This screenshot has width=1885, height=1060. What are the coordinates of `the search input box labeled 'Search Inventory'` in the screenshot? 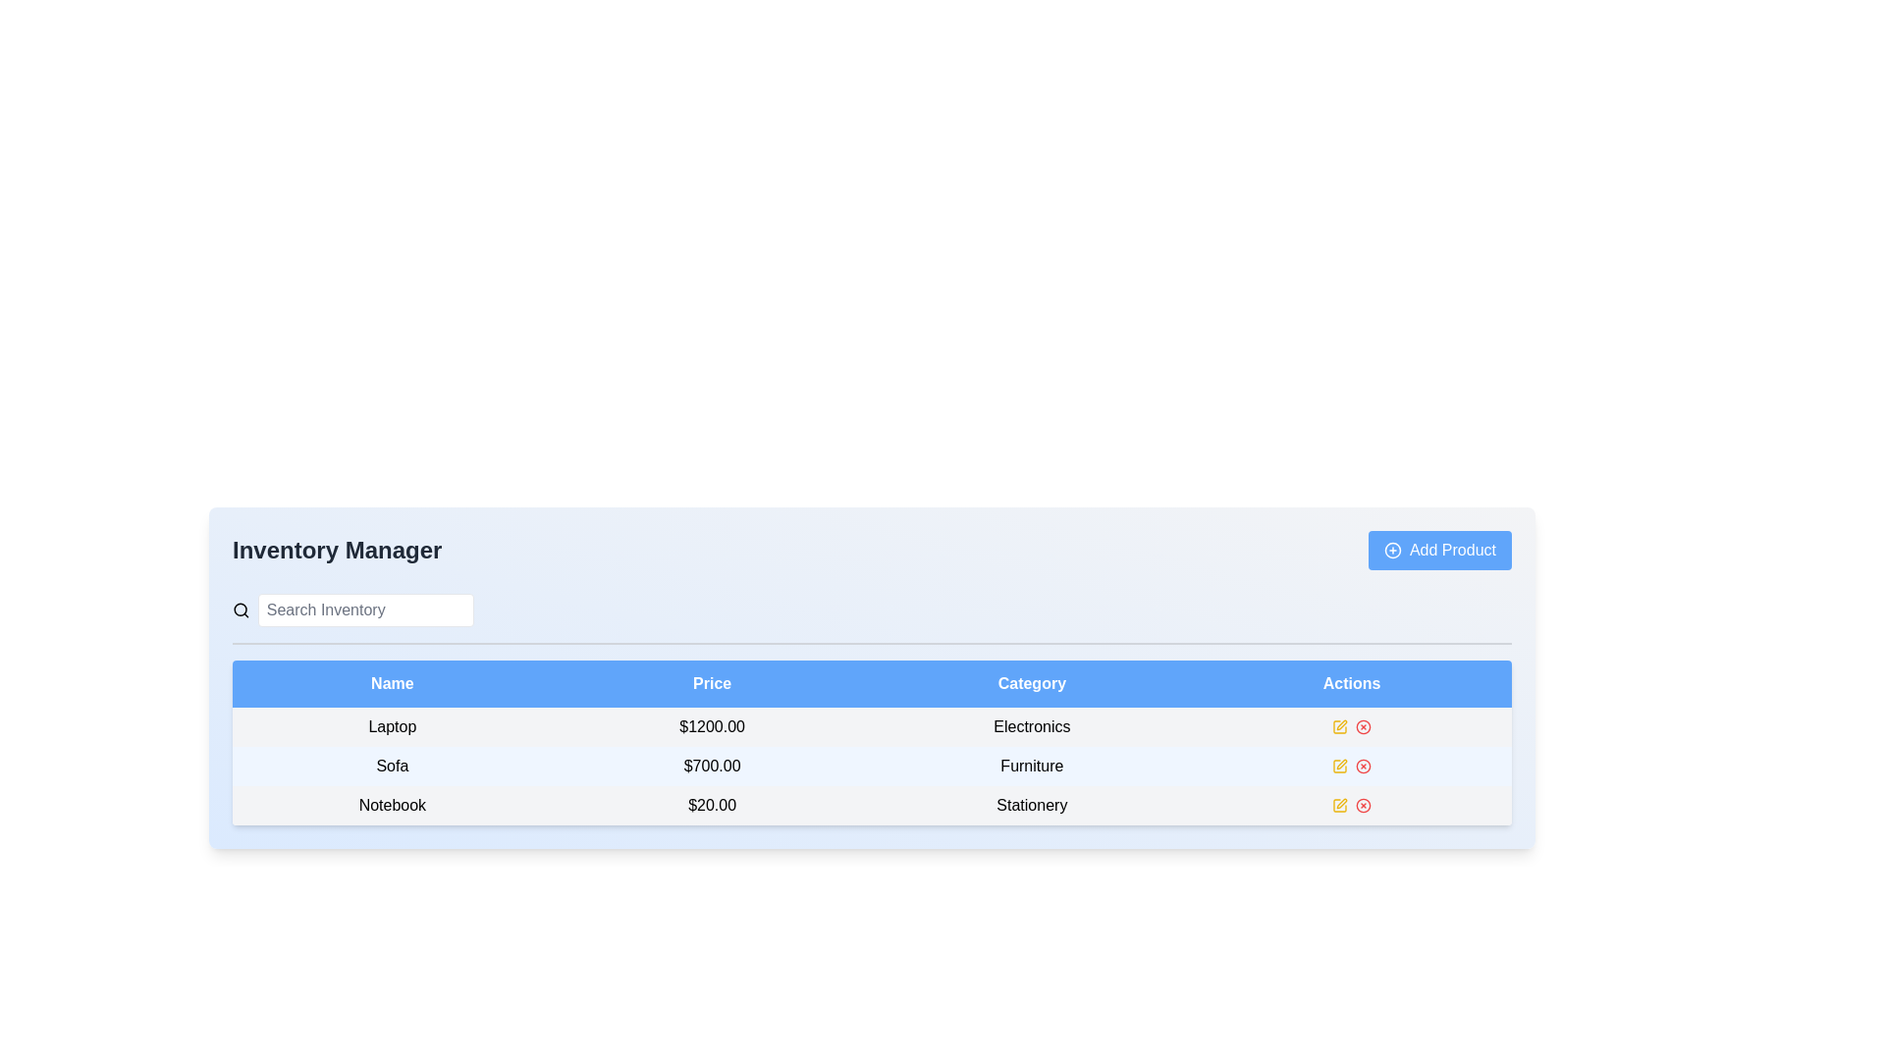 It's located at (353, 609).